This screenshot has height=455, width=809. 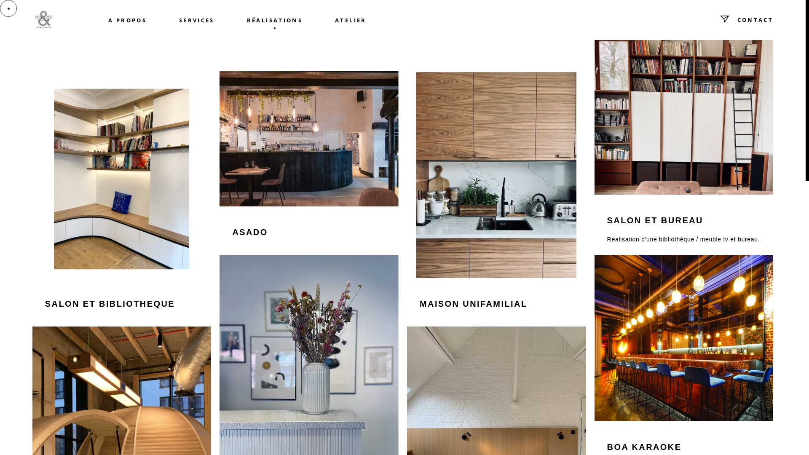 What do you see at coordinates (704, 19) in the screenshot?
I see `'CONTACT` at bounding box center [704, 19].